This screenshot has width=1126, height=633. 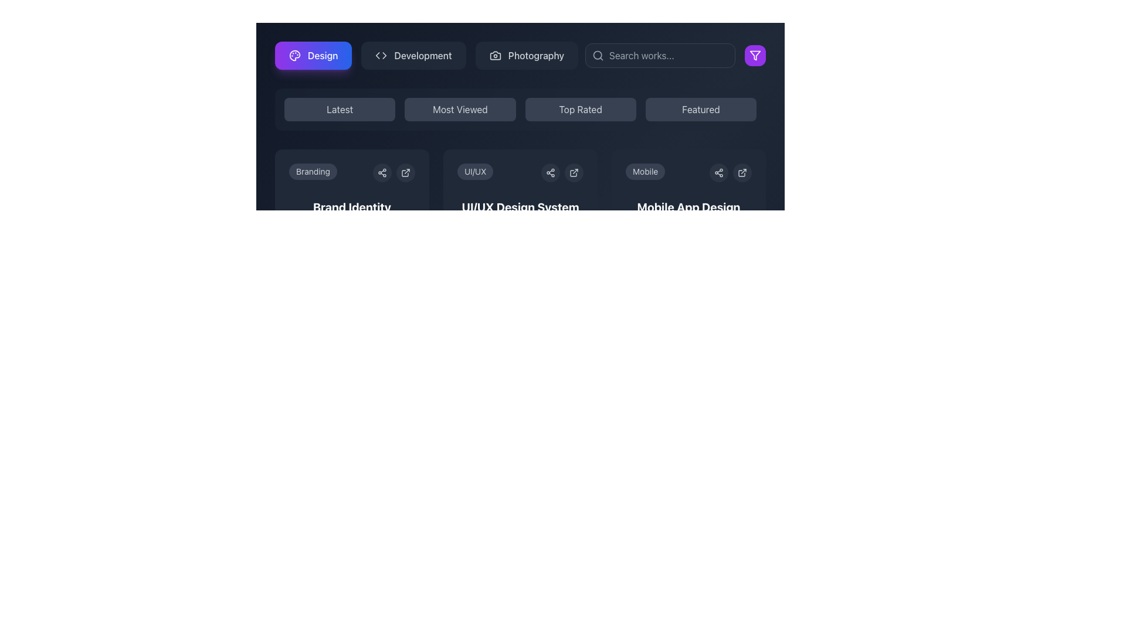 I want to click on the filter icon located in the top-right corner of the navigation header, which is part of a distinct purple button grouping, so click(x=755, y=56).